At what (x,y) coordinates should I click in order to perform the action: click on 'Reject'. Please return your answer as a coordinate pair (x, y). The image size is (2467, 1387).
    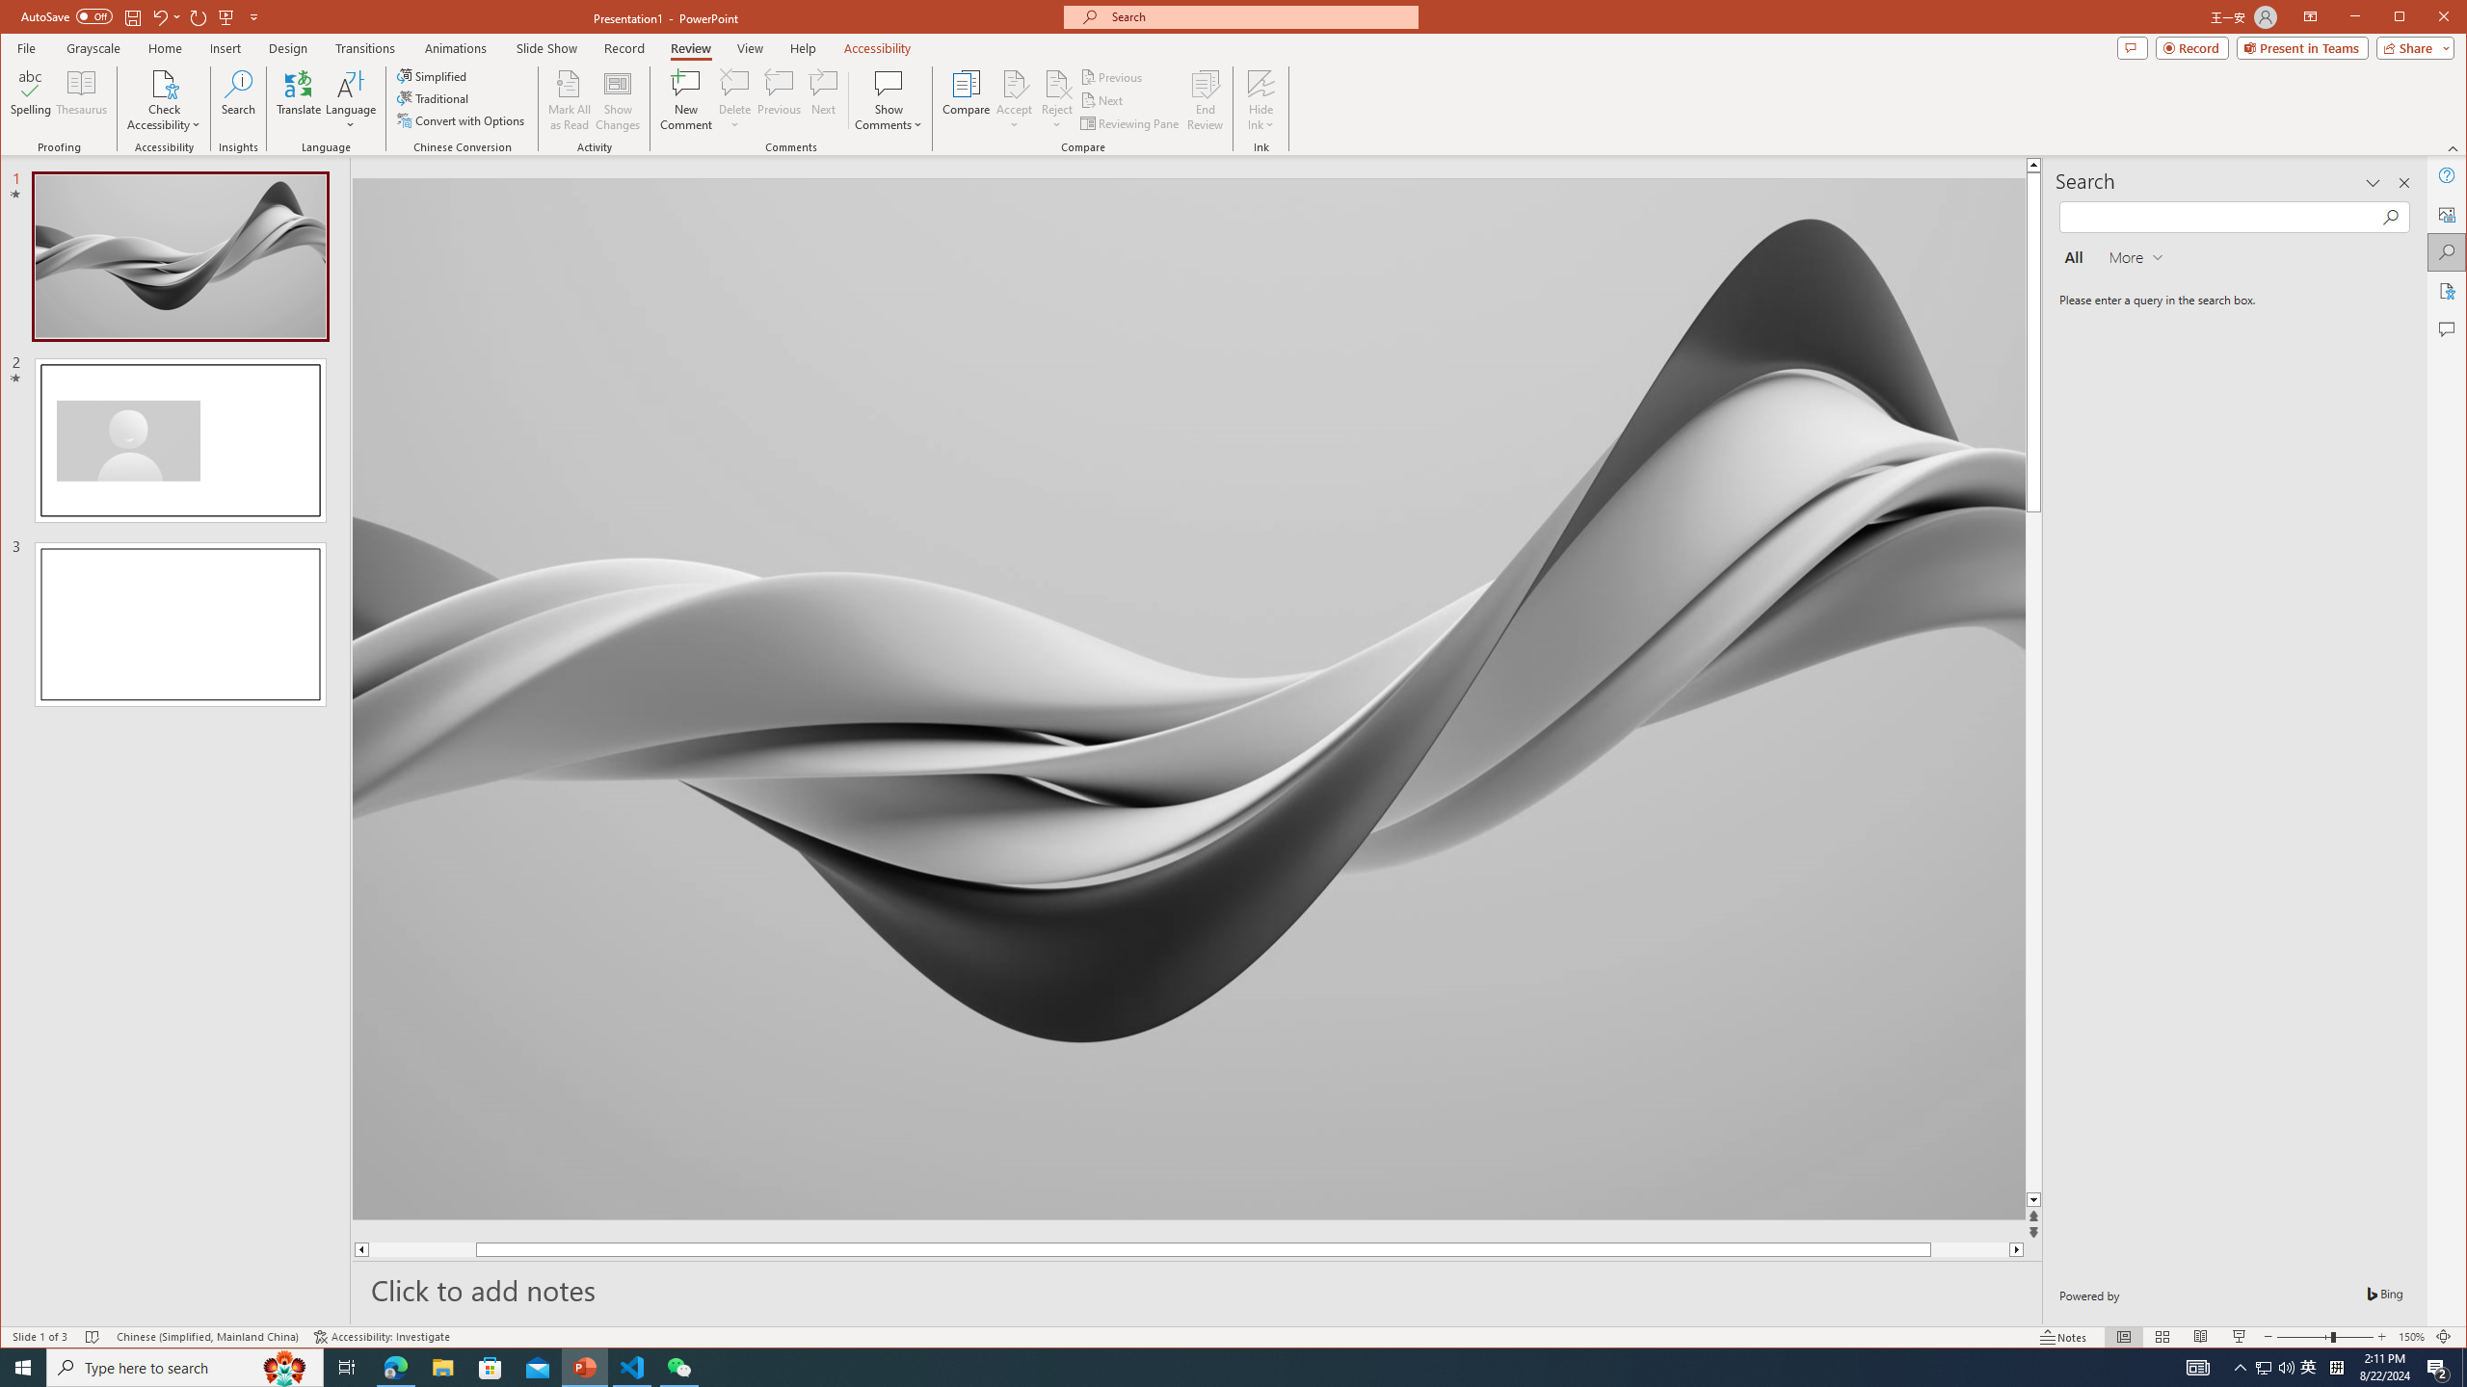
    Looking at the image, I should click on (1056, 99).